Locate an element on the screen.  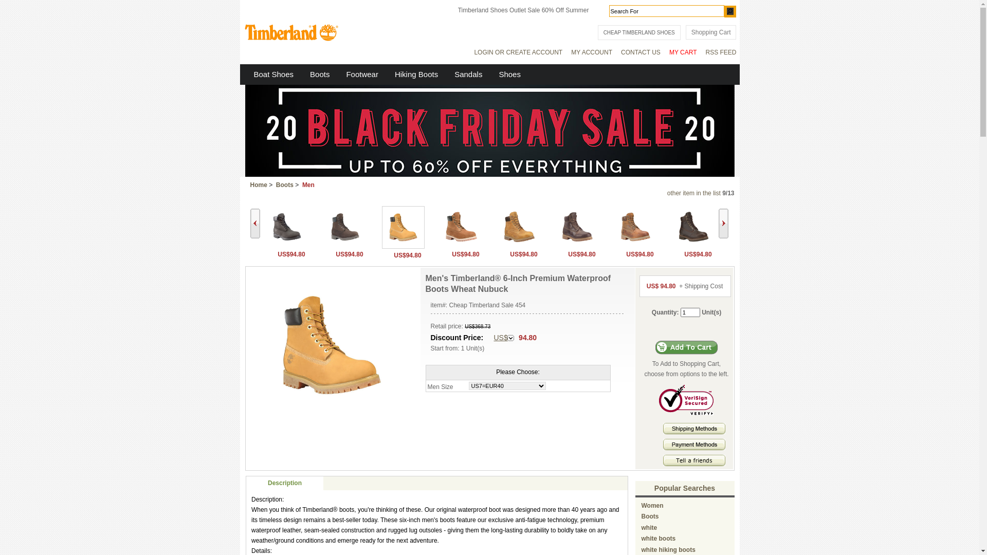
'Shipping Methods' is located at coordinates (694, 432).